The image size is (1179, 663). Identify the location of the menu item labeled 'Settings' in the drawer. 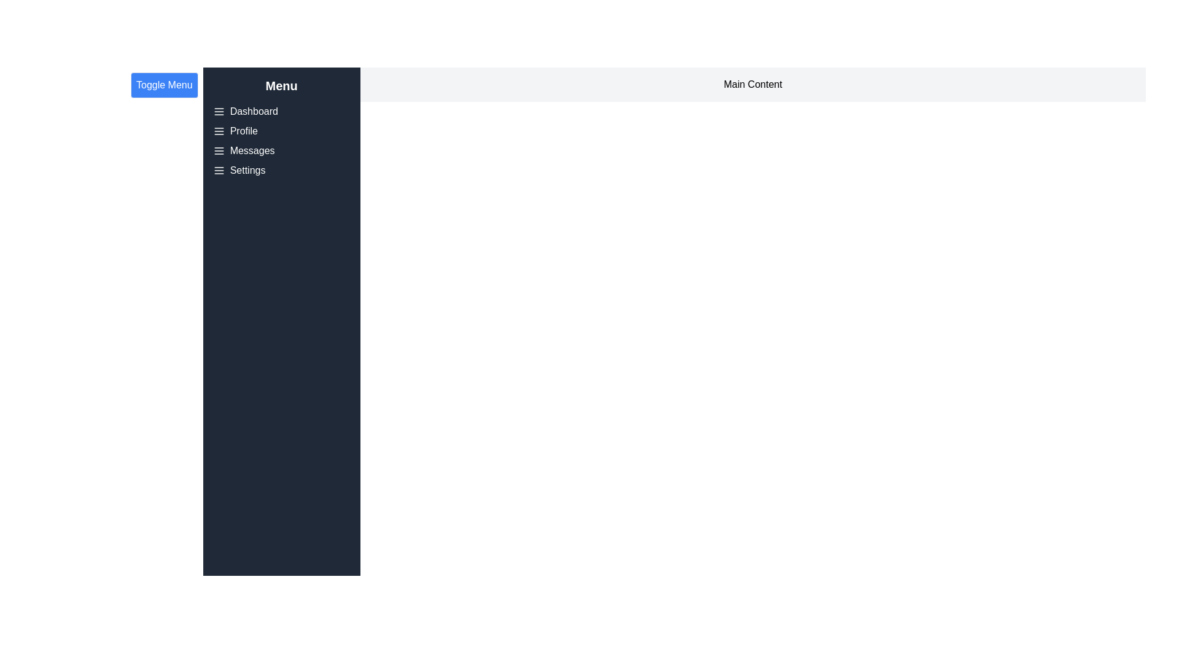
(247, 170).